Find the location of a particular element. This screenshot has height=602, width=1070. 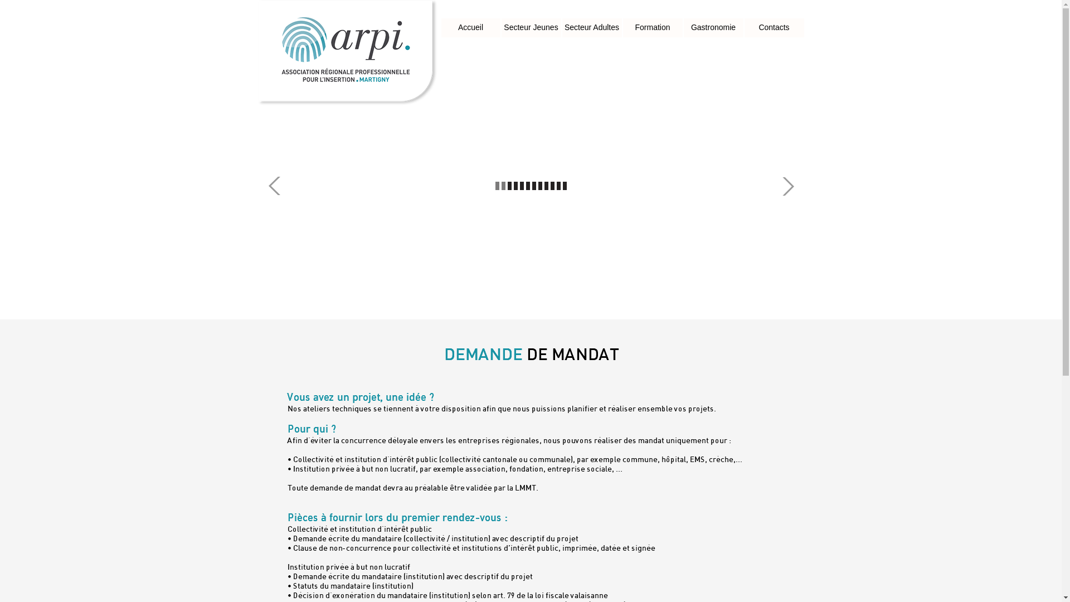

'Gastronomie' is located at coordinates (712, 27).